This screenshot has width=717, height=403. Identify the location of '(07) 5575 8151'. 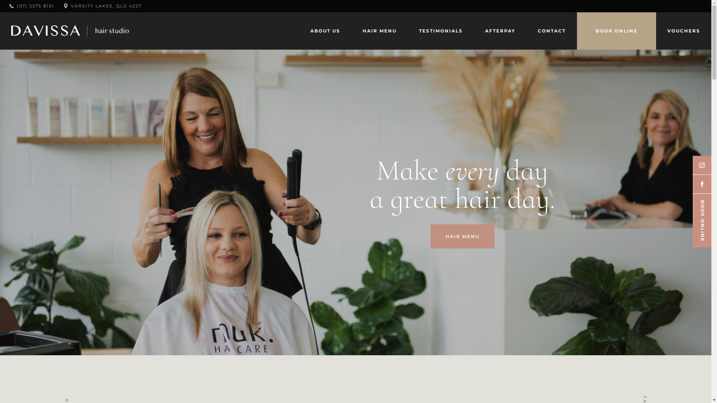
(31, 6).